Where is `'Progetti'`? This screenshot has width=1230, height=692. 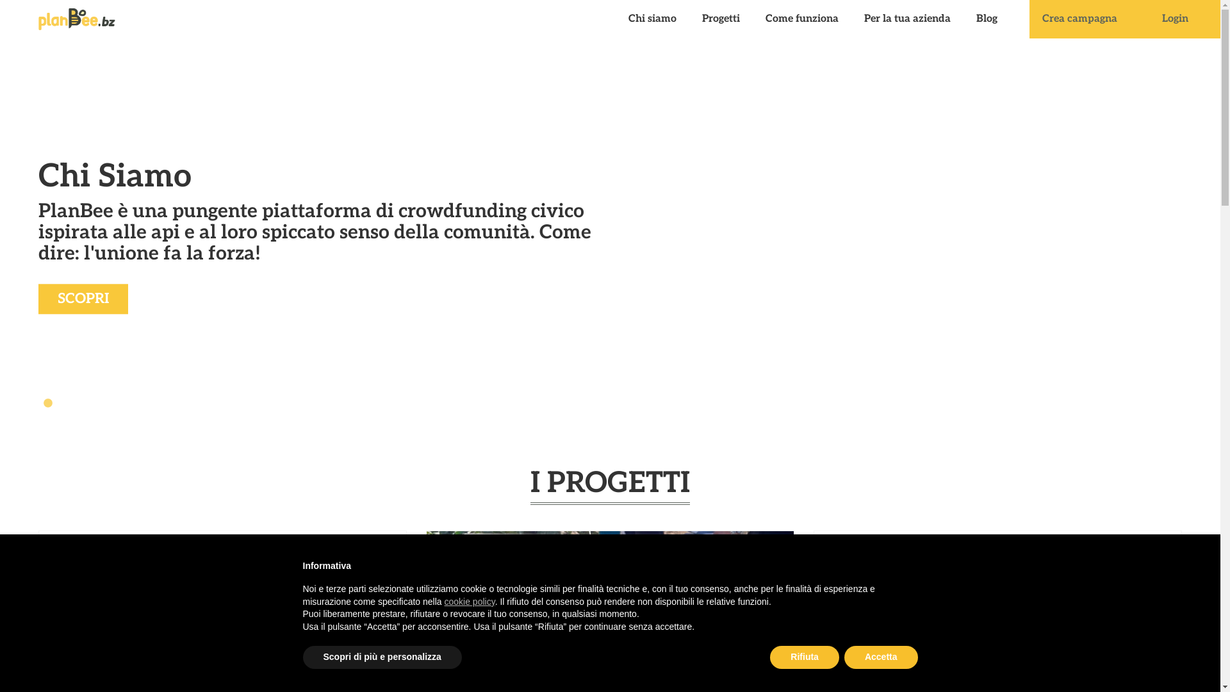
'Progetti' is located at coordinates (721, 19).